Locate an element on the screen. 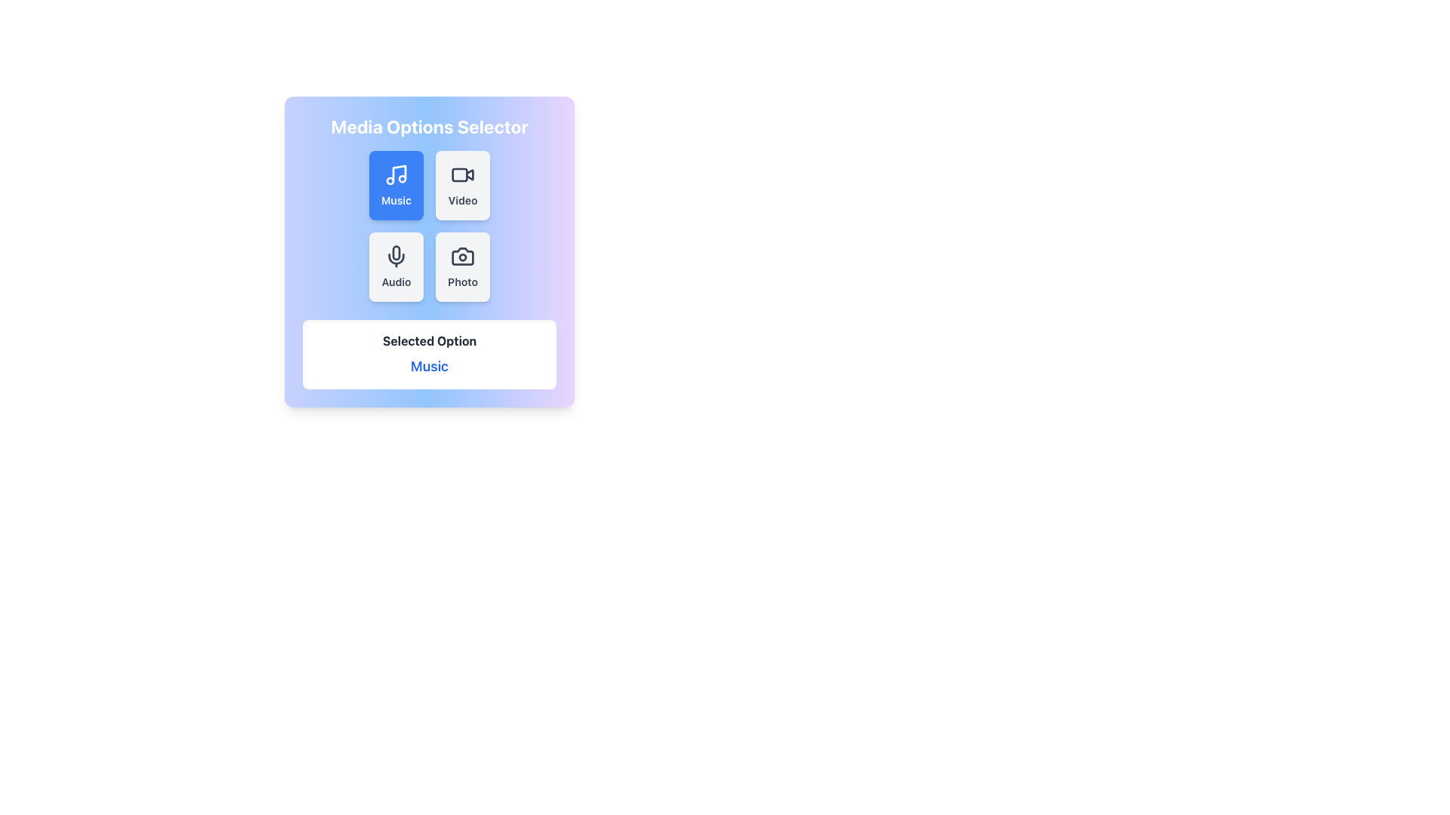 This screenshot has width=1450, height=815. text label 'Video' located at the bottom of the second card in the first row of a two-by-two grid arrangement, indicating video functionalities is located at coordinates (462, 200).